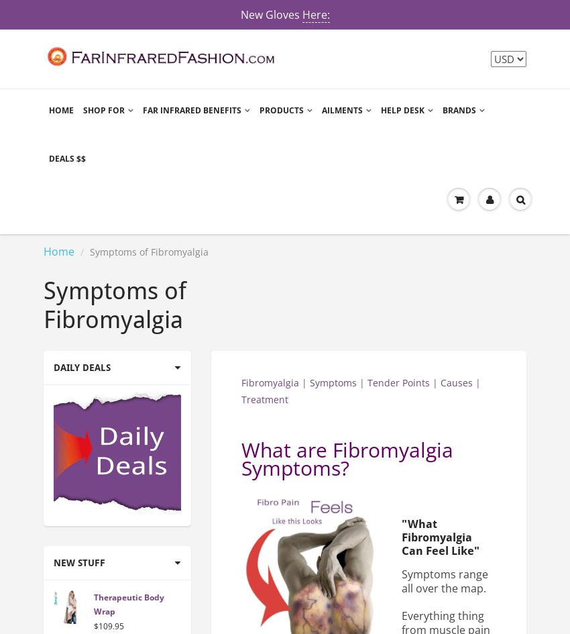 This screenshot has width=570, height=634. What do you see at coordinates (300, 15) in the screenshot?
I see `'Here:'` at bounding box center [300, 15].